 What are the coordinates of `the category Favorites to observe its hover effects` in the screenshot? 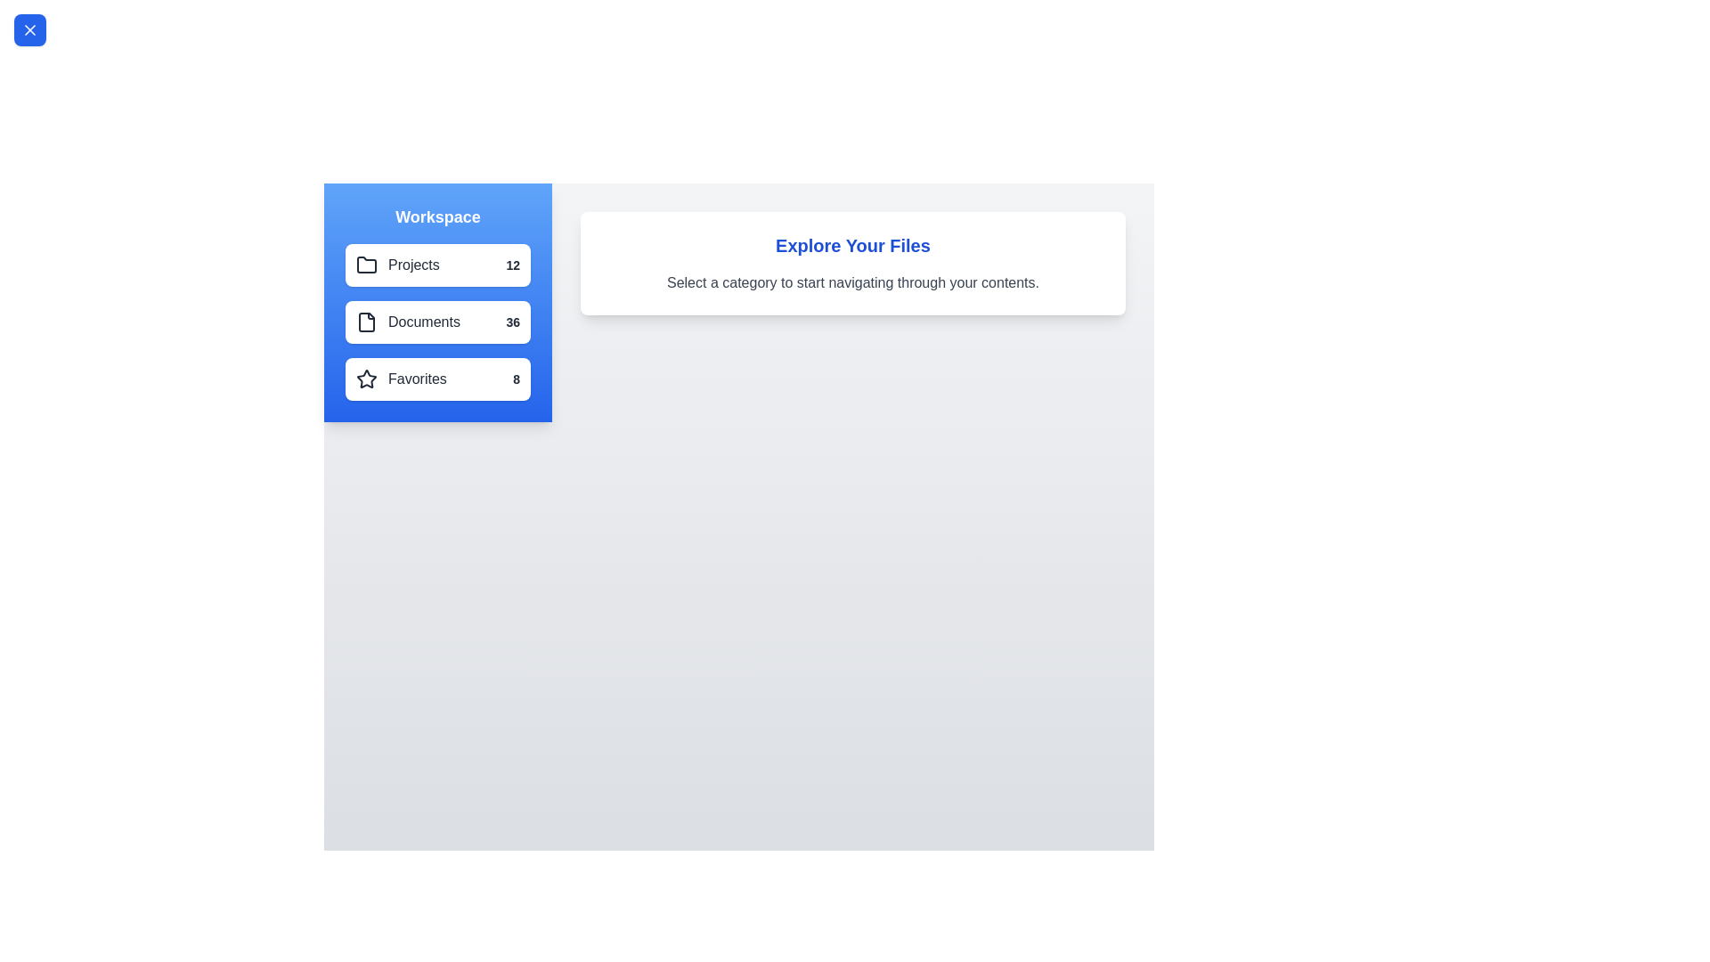 It's located at (437, 378).